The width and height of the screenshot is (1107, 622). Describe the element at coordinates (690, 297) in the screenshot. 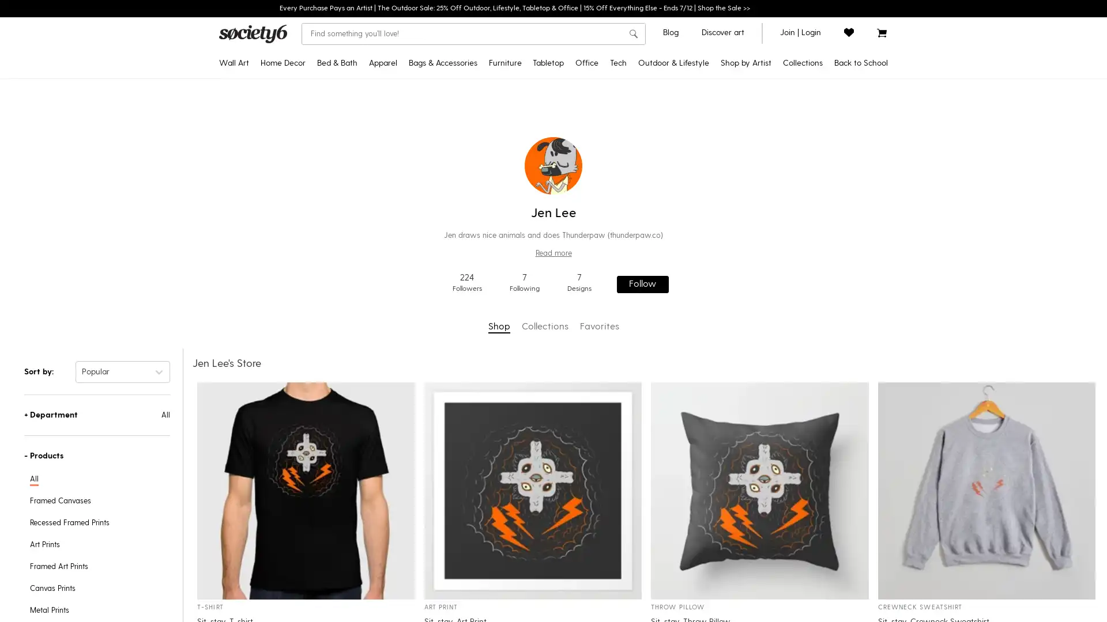

I see `Sling Chairs` at that location.